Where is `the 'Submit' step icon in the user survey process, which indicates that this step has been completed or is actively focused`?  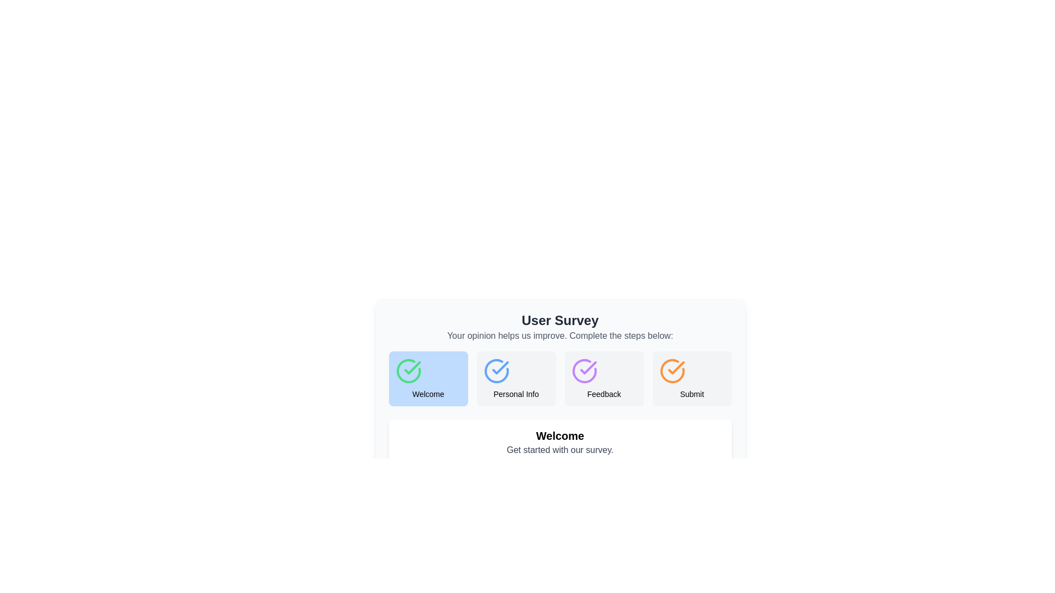
the 'Submit' step icon in the user survey process, which indicates that this step has been completed or is actively focused is located at coordinates (671, 371).